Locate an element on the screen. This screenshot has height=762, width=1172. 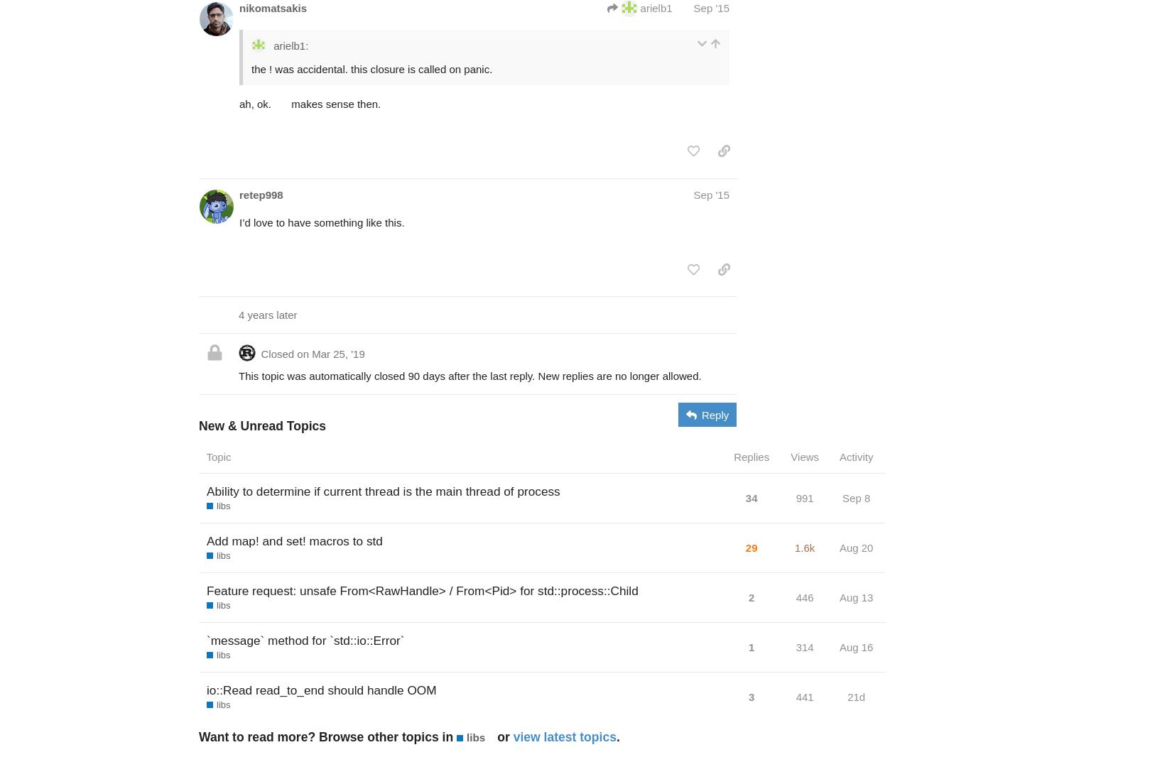
'on Mar 25, '19' is located at coordinates (330, 352).